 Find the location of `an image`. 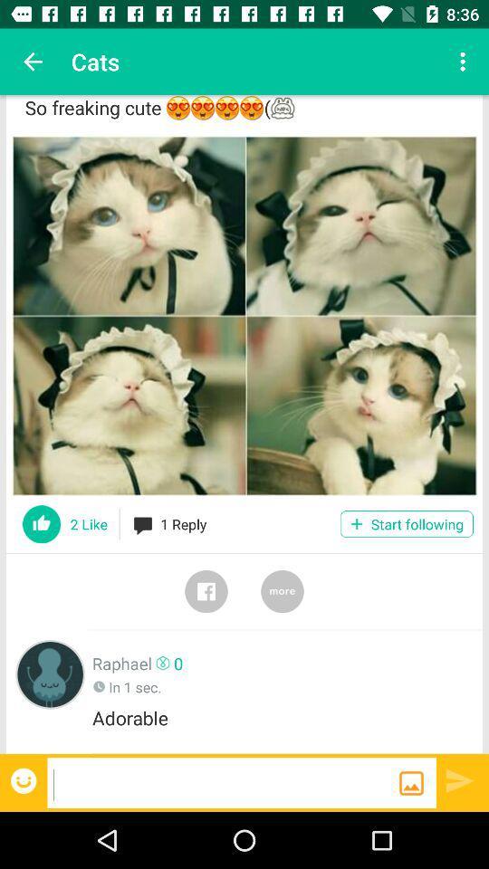

an image is located at coordinates (411, 782).